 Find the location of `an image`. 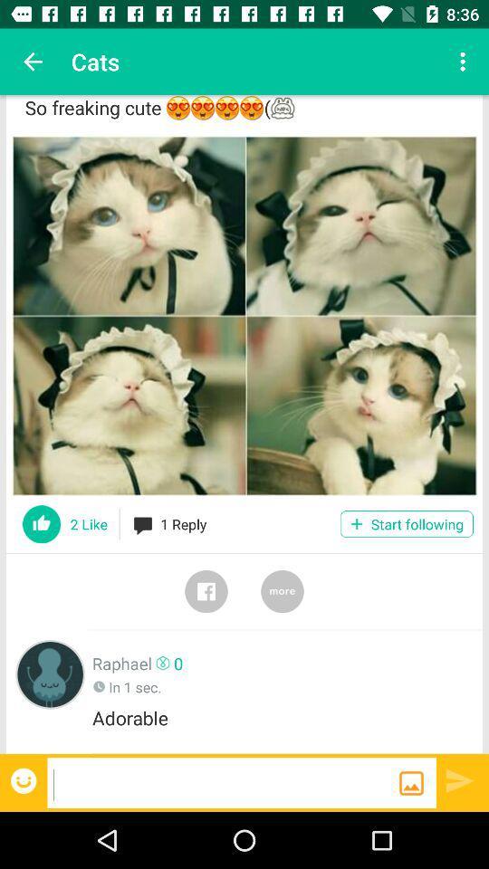

an image is located at coordinates (411, 782).